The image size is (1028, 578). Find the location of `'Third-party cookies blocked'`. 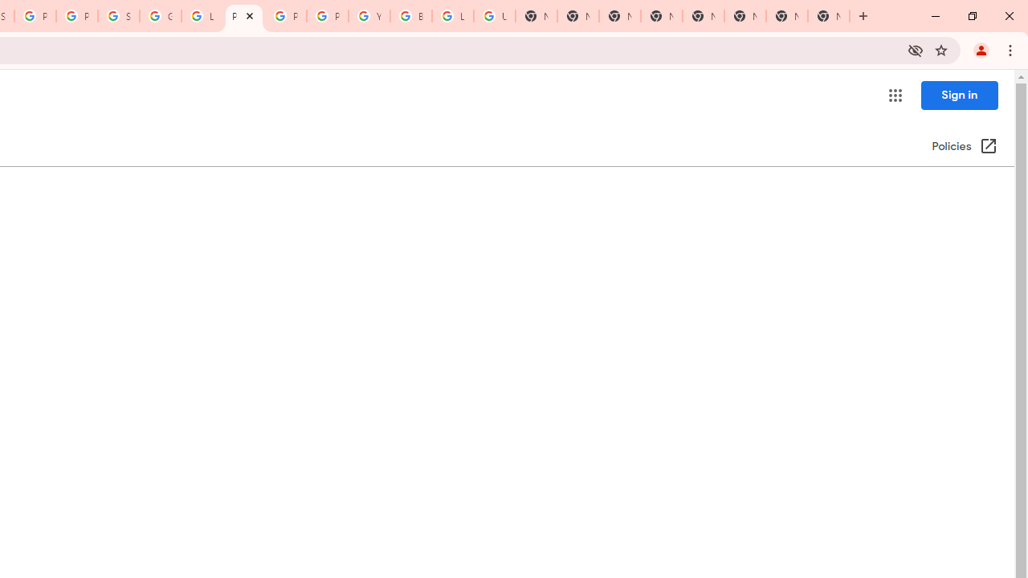

'Third-party cookies blocked' is located at coordinates (915, 49).